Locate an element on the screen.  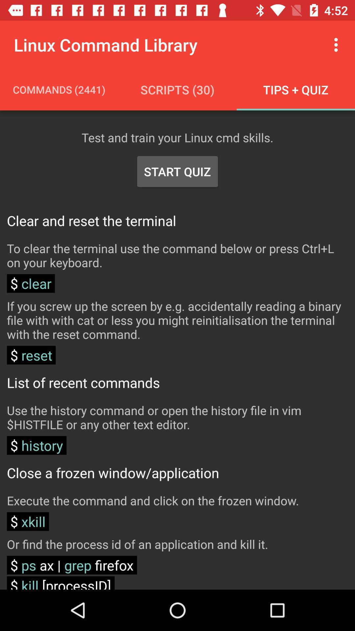
the start quiz is located at coordinates (177, 172).